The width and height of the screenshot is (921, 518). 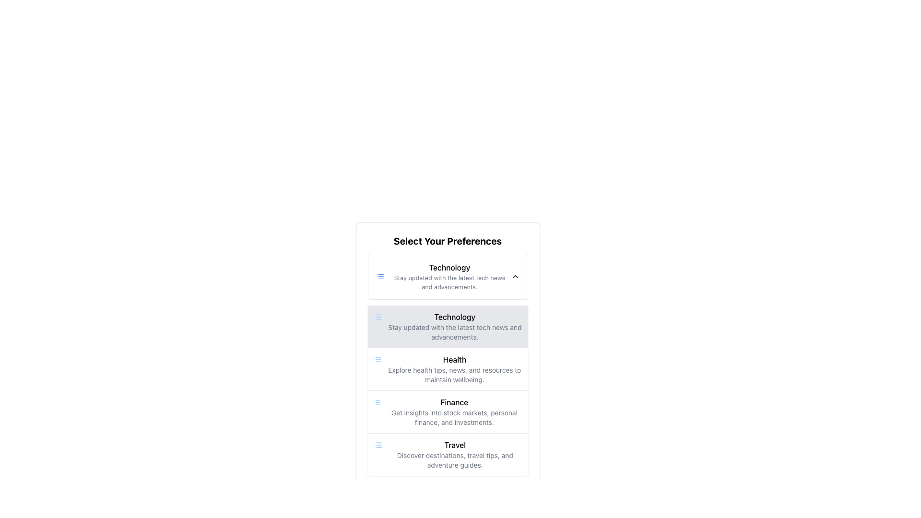 What do you see at coordinates (454, 412) in the screenshot?
I see `the third item in the vertical list related to finance topics, which is located below the 'Health' section and above the 'Travel' section` at bounding box center [454, 412].